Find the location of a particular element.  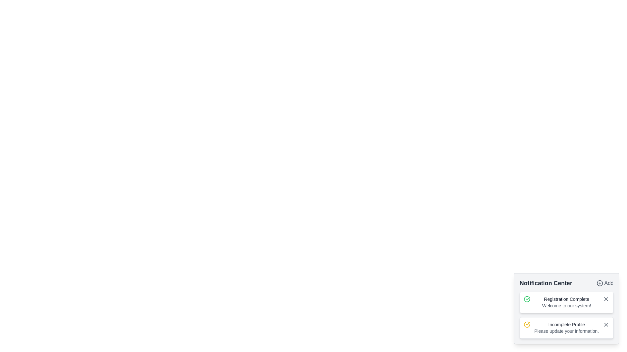

the text label indicating notifications, which is positioned on the left side of the header section is located at coordinates (546, 283).